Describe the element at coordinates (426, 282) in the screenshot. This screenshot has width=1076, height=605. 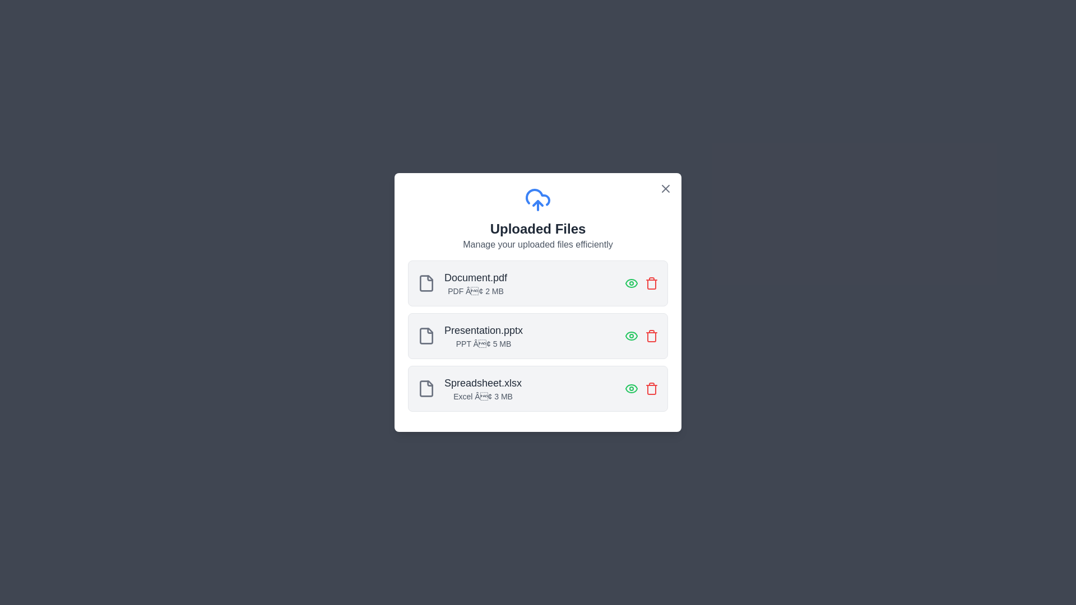
I see `the gray outlined document icon with a white background that is part of the first item in the uploaded files list, located to the left of 'Document.pdf'` at that location.